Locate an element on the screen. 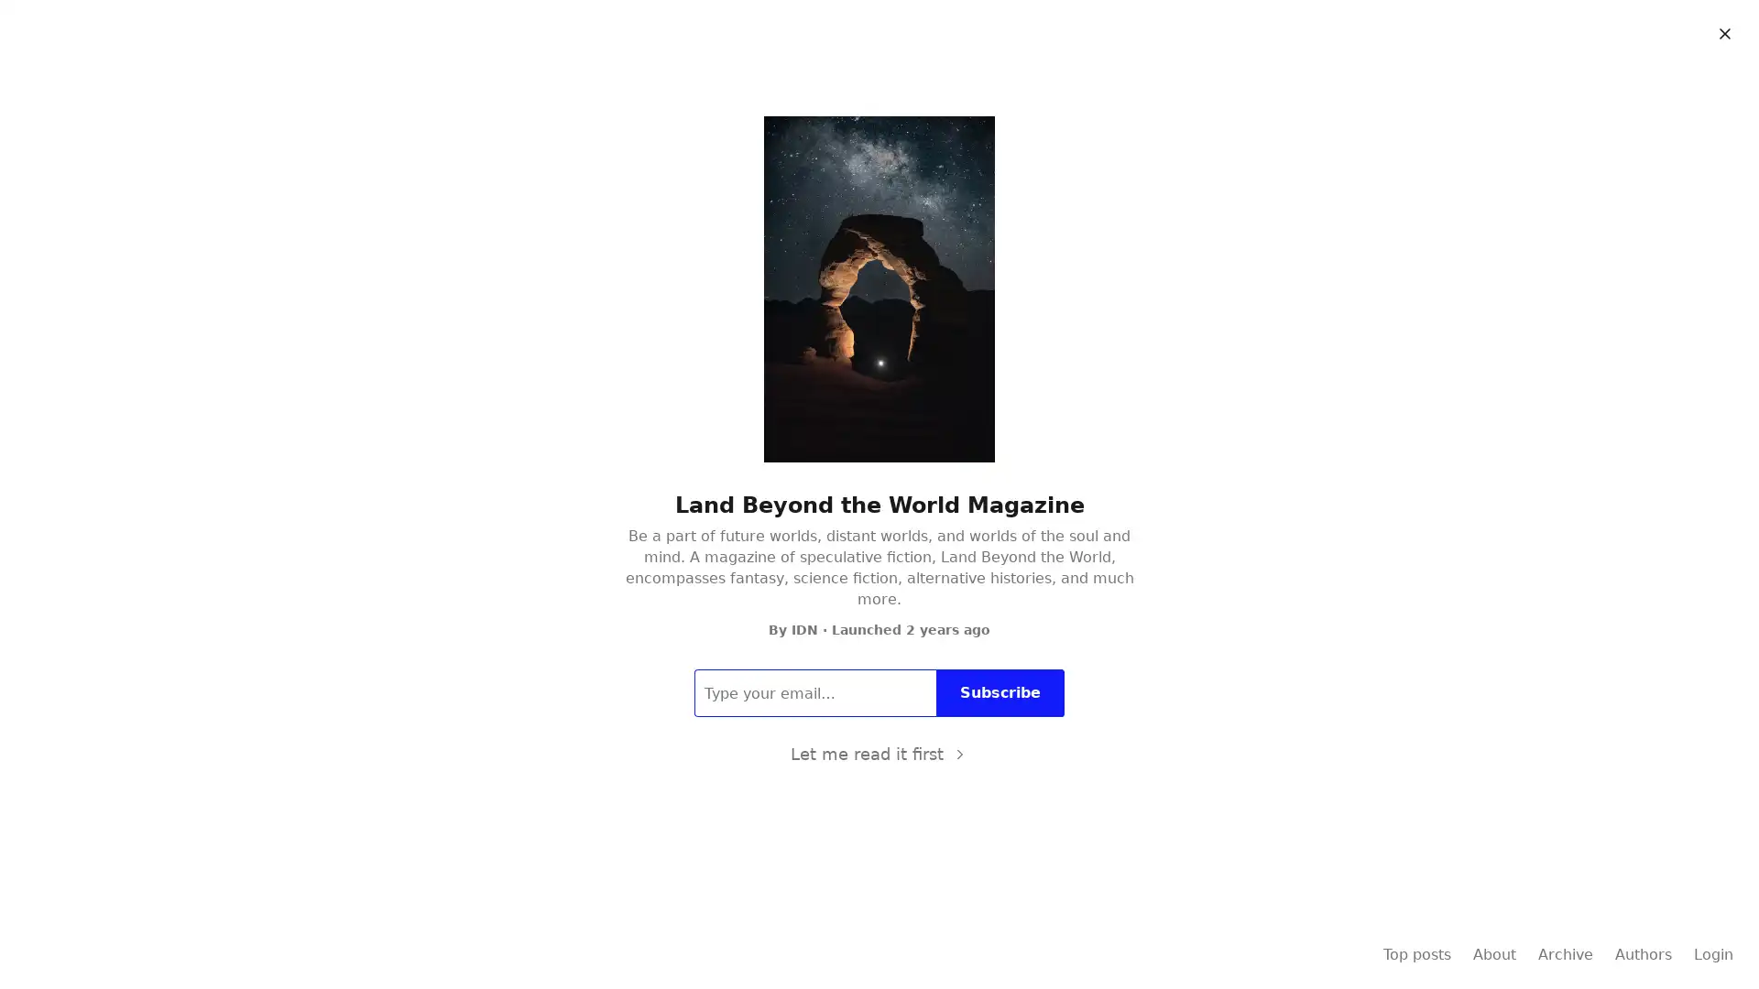 This screenshot has width=1759, height=989. 3 is located at coordinates (614, 504).